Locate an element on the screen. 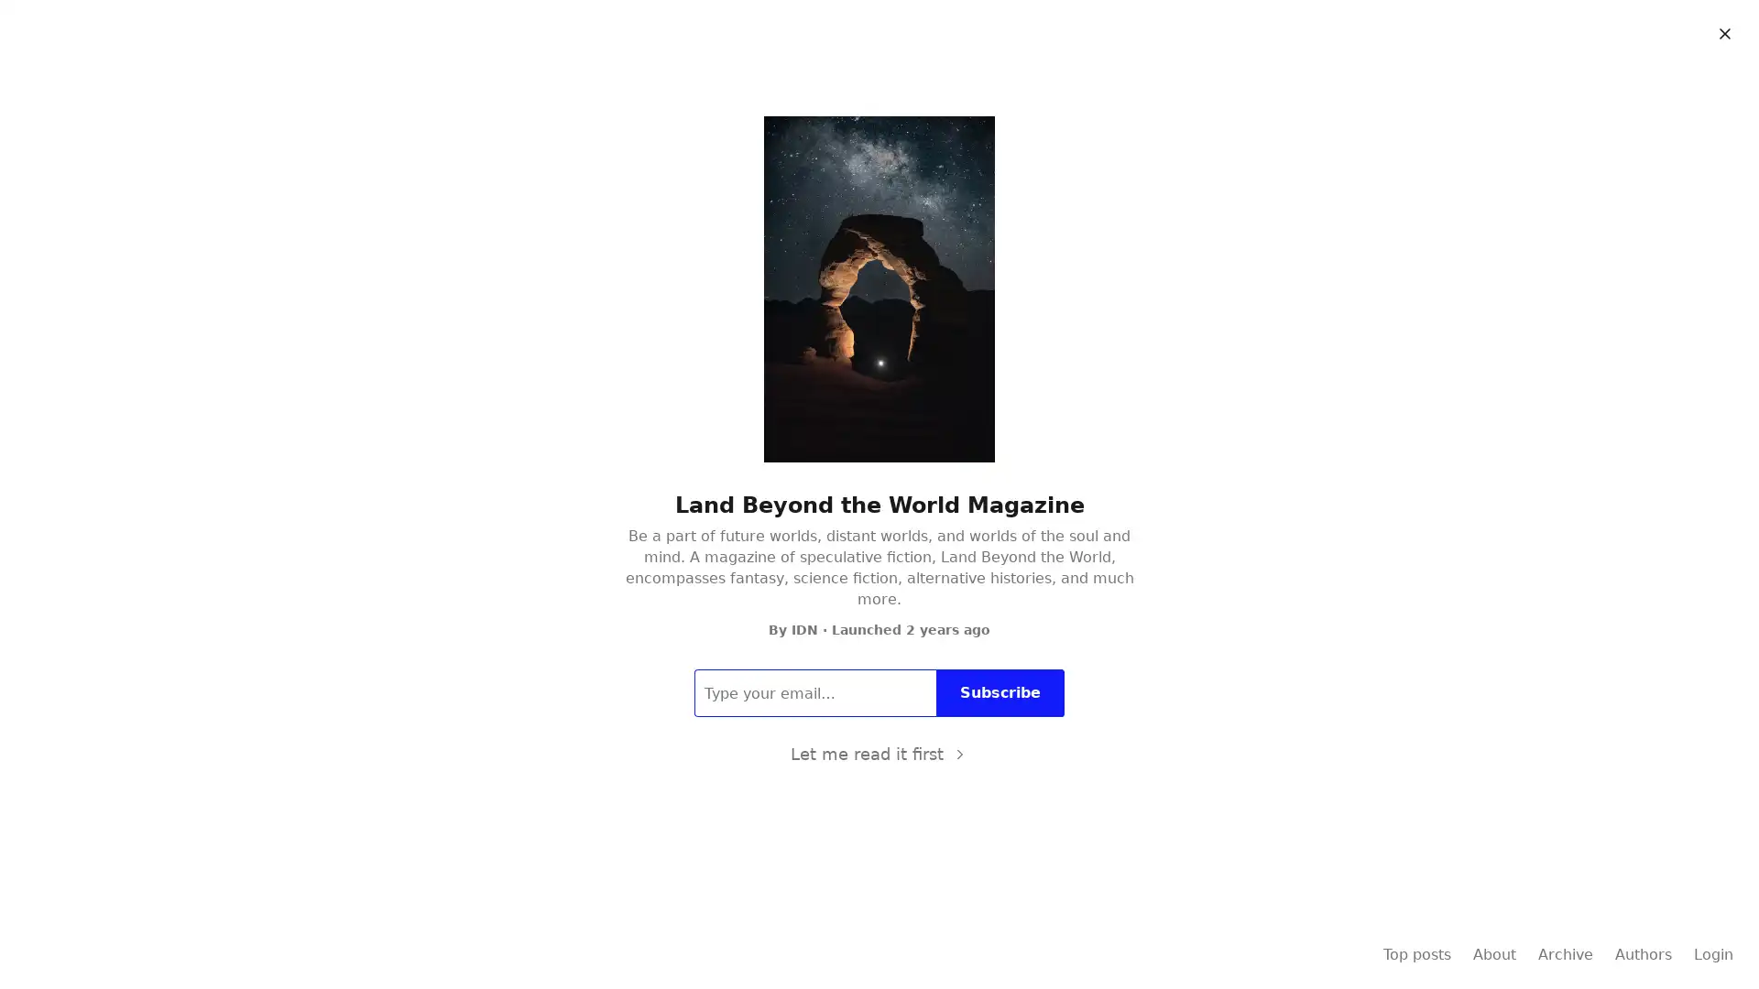 This screenshot has width=1759, height=989. 3 is located at coordinates (614, 504).